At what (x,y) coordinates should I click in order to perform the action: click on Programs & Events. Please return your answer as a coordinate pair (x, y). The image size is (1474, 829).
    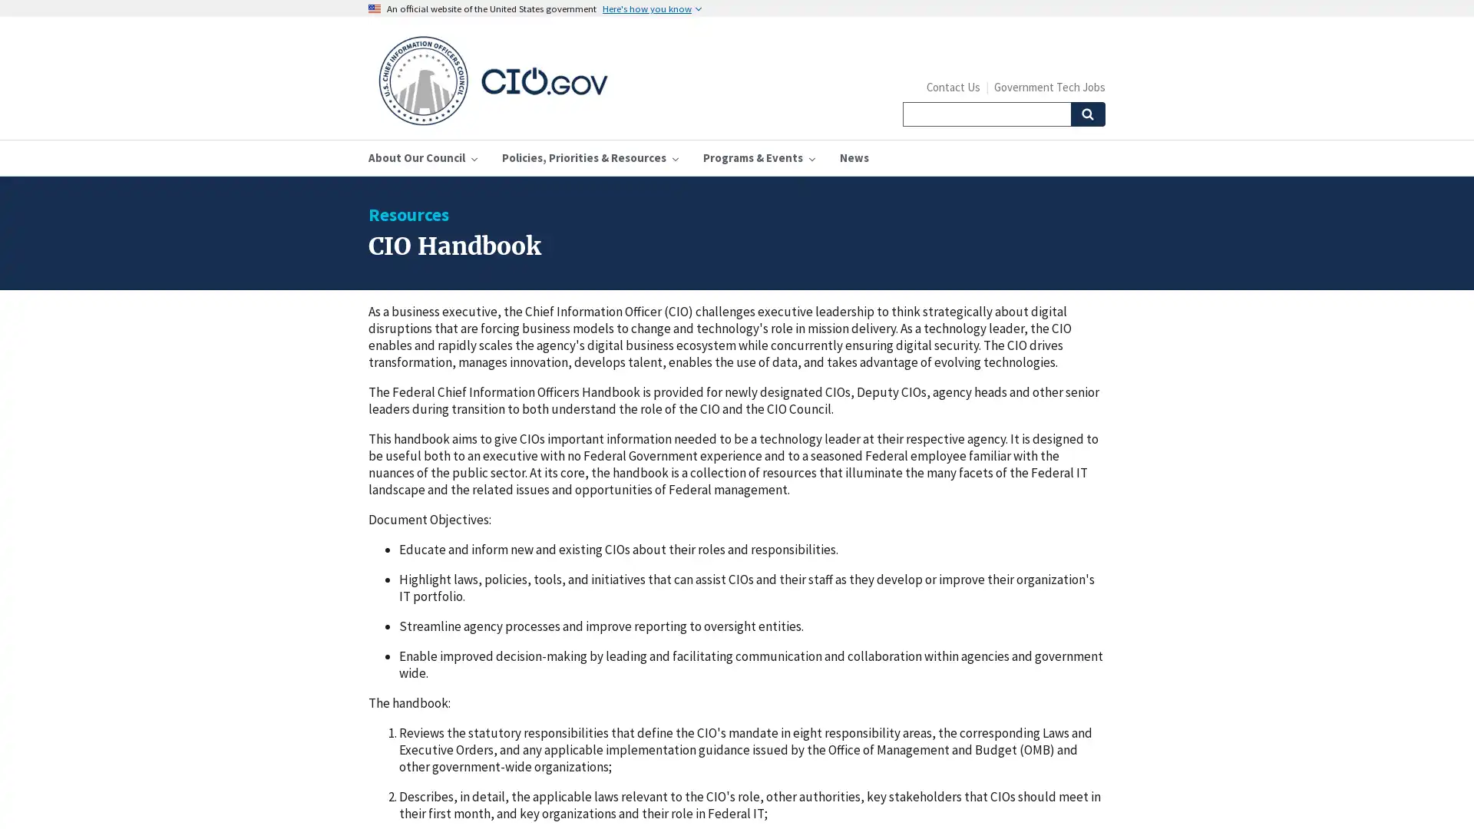
    Looking at the image, I should click on (758, 157).